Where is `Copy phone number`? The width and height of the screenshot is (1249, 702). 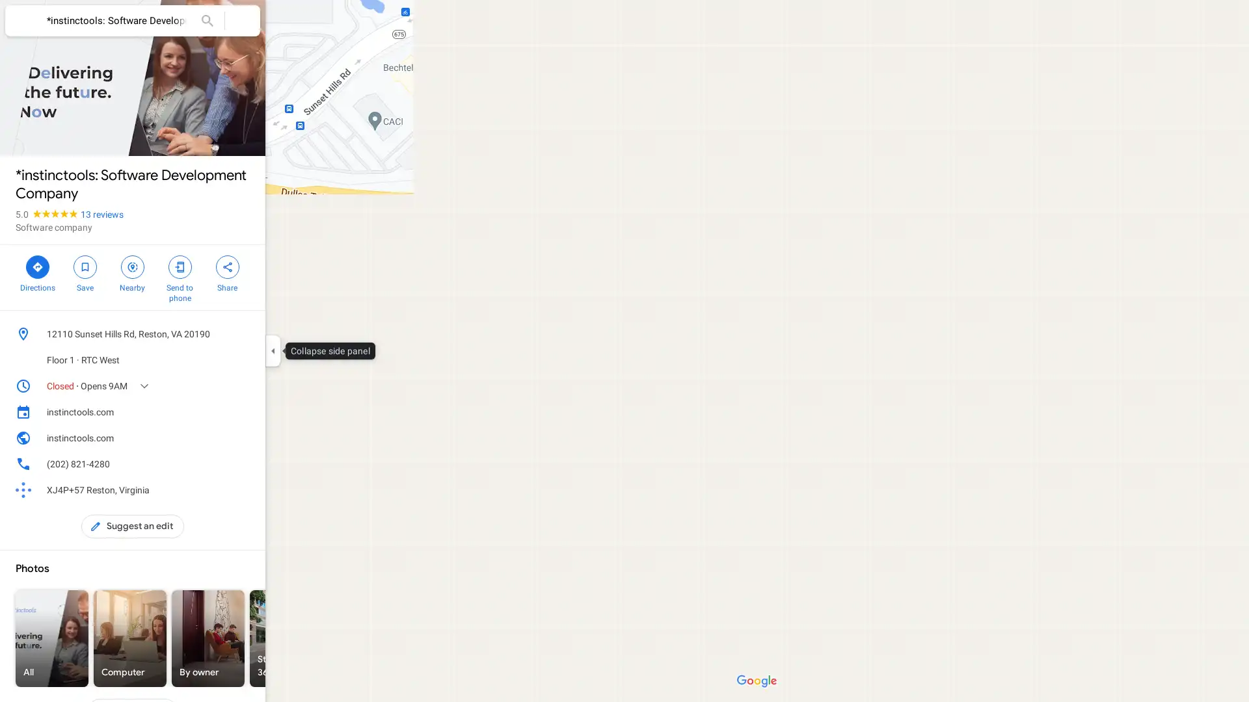
Copy phone number is located at coordinates (224, 463).